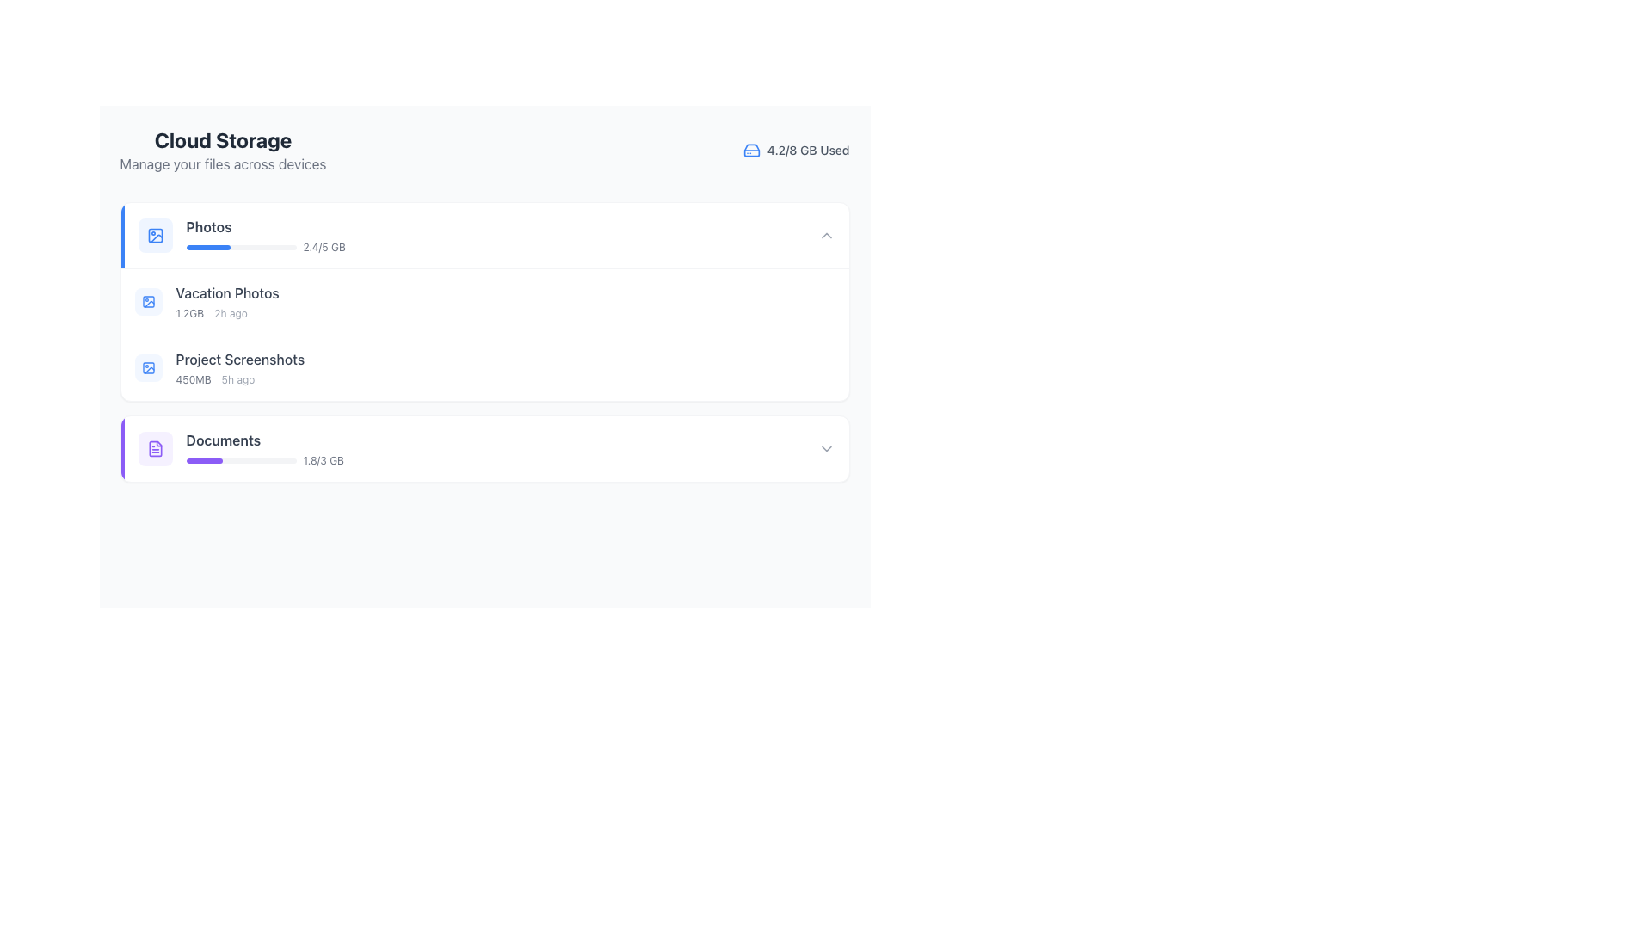 This screenshot has width=1652, height=929. Describe the element at coordinates (484, 300) in the screenshot. I see `the List item representing 'Vacation Photos', which summarizes a storage item with a size of 1.2GB and a last action time of 2 hours ago, located as the second entry in the main list under the 'Photos' section` at that location.